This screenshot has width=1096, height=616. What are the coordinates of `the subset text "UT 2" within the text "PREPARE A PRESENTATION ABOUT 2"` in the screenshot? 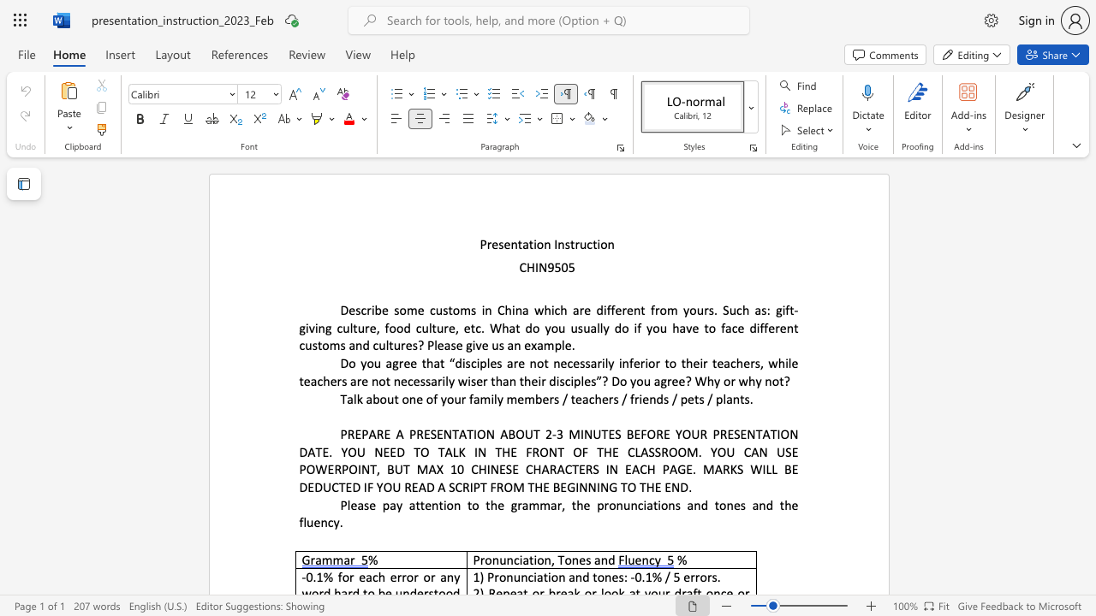 It's located at (523, 433).